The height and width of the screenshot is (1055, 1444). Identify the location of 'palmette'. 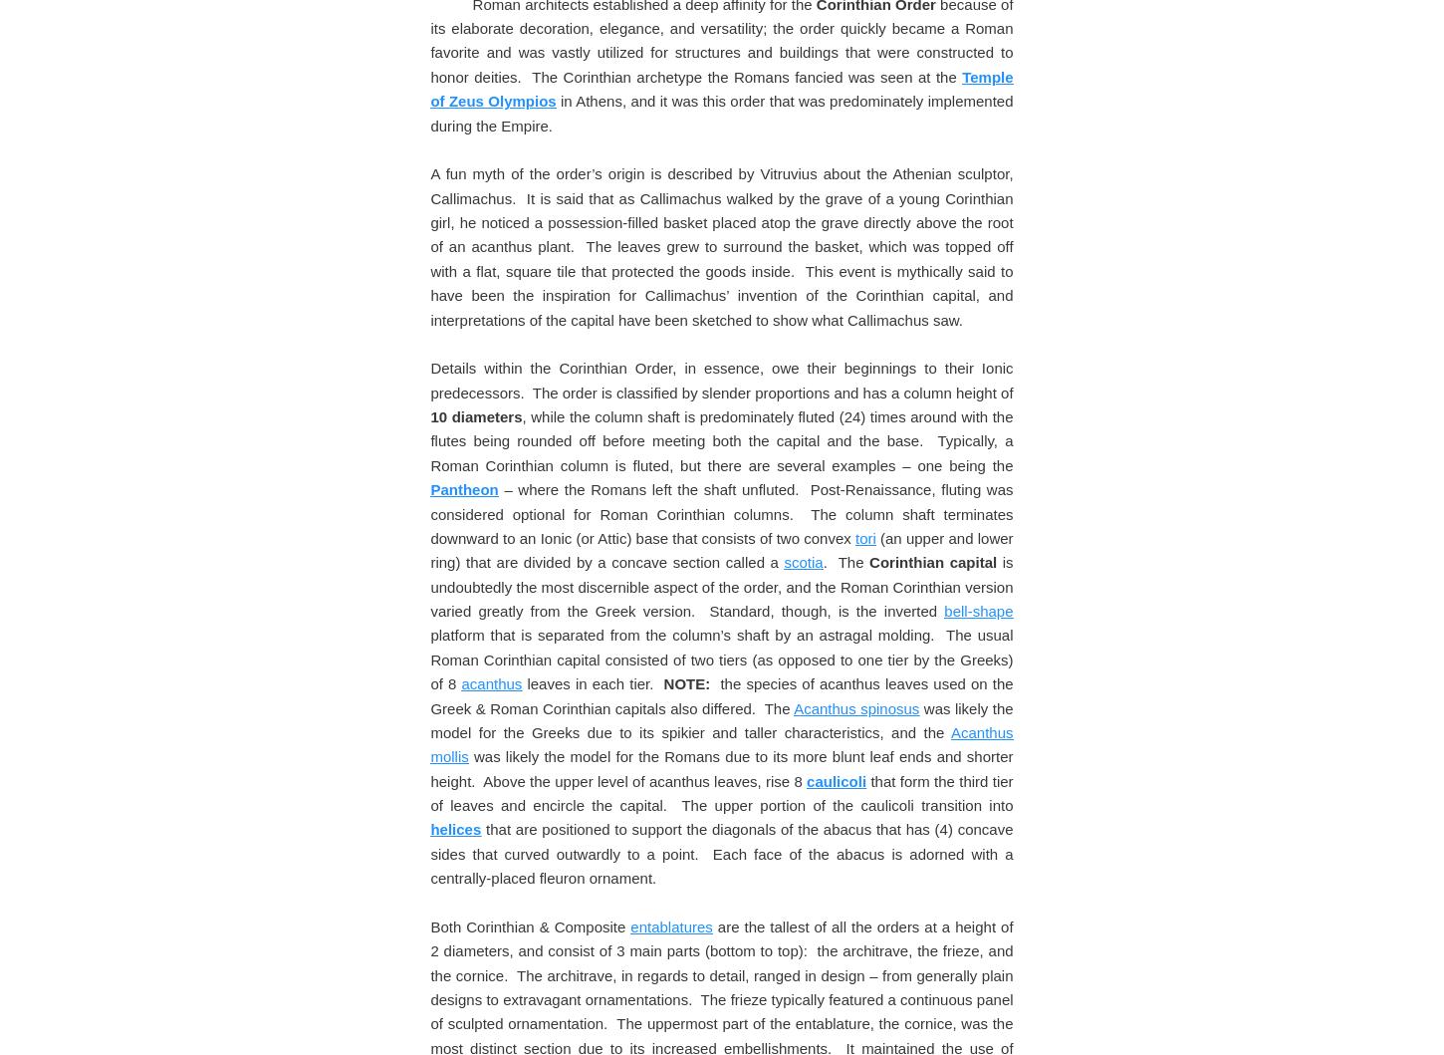
(457, 64).